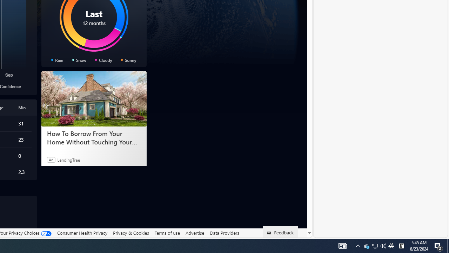  I want to click on 'Data Providers', so click(224, 233).